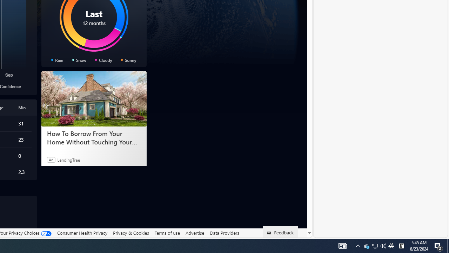  I want to click on 'Data Providers', so click(224, 233).